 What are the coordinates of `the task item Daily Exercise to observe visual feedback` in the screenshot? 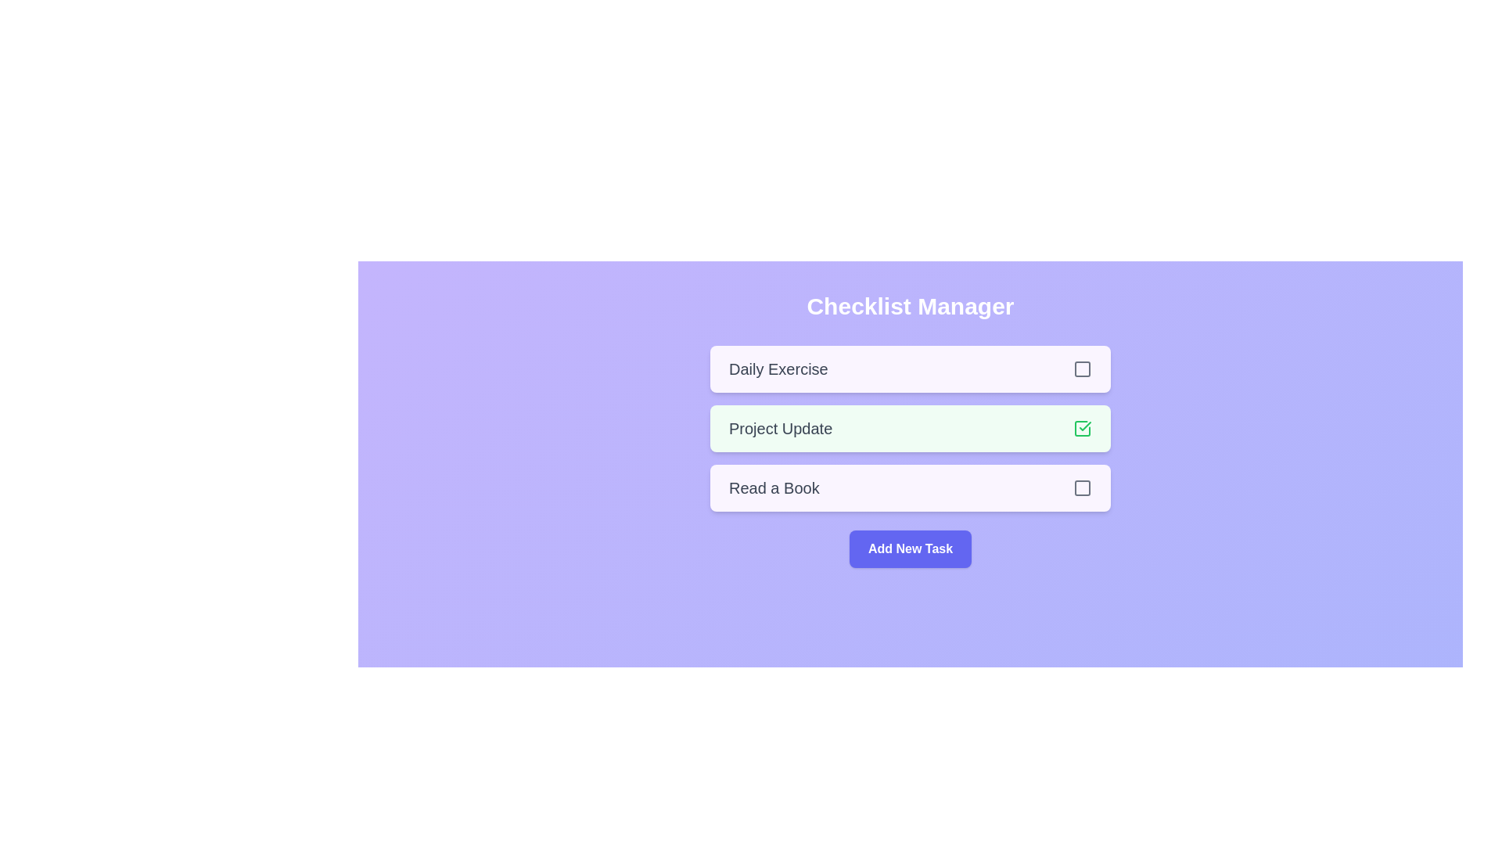 It's located at (910, 369).